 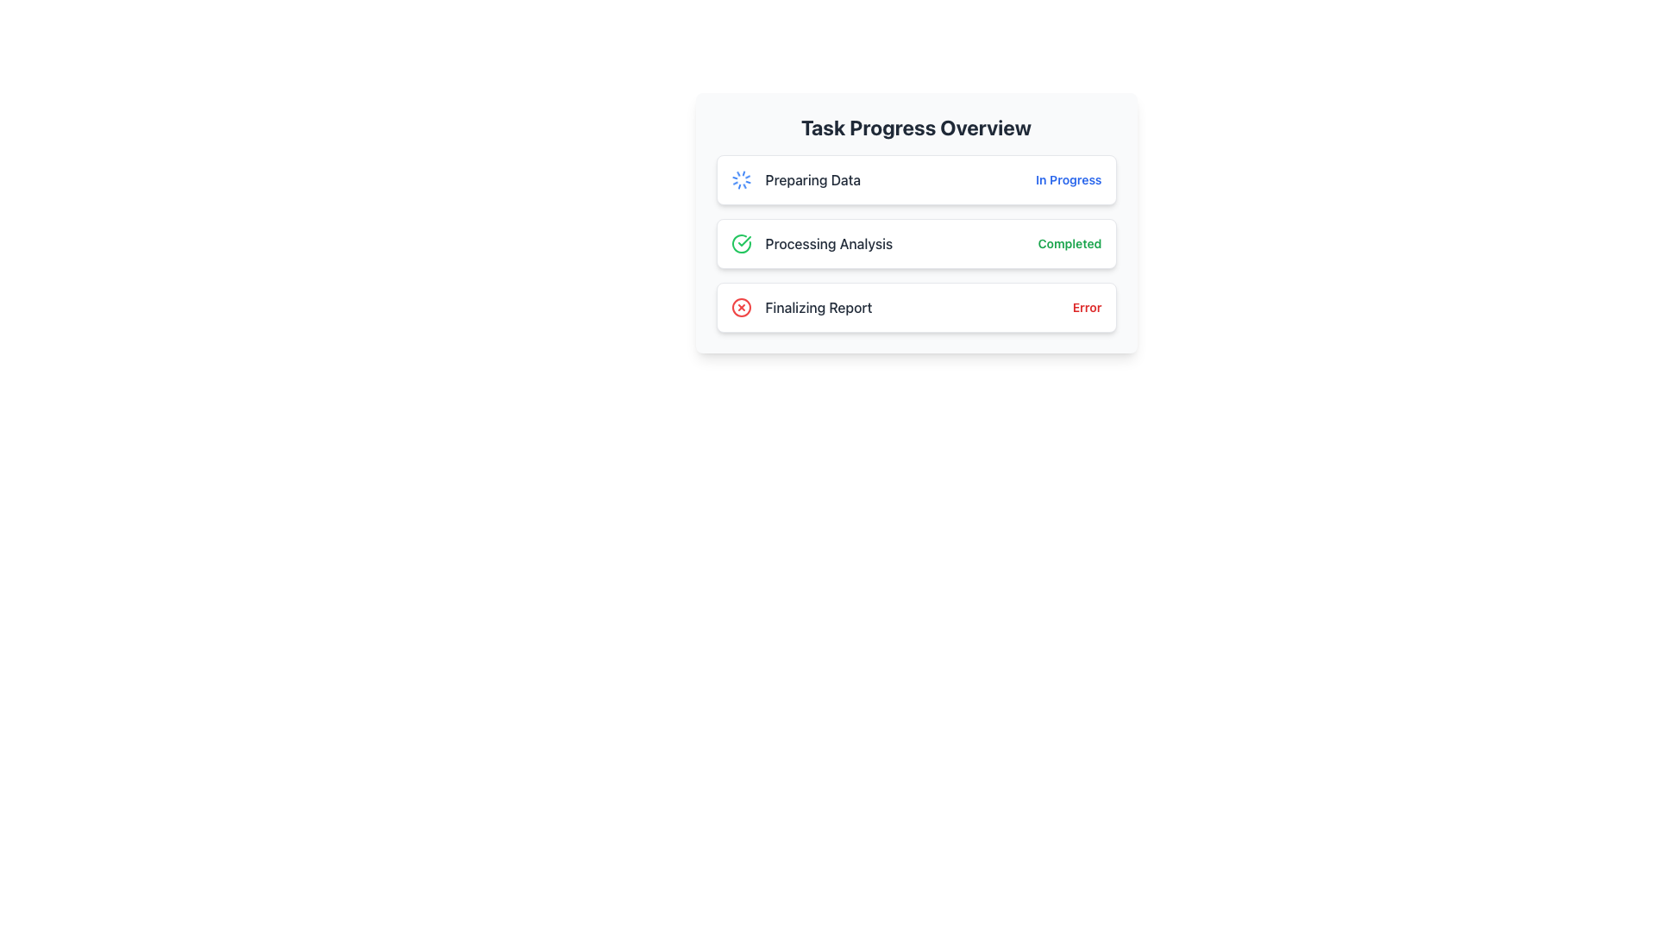 I want to click on the card titled 'Processing Analysis' which contains a green 'Completed' status indicator and is positioned between 'Preparing Data' and 'Finalizing Report' in the 'Task Progress Overview' section, so click(x=915, y=222).